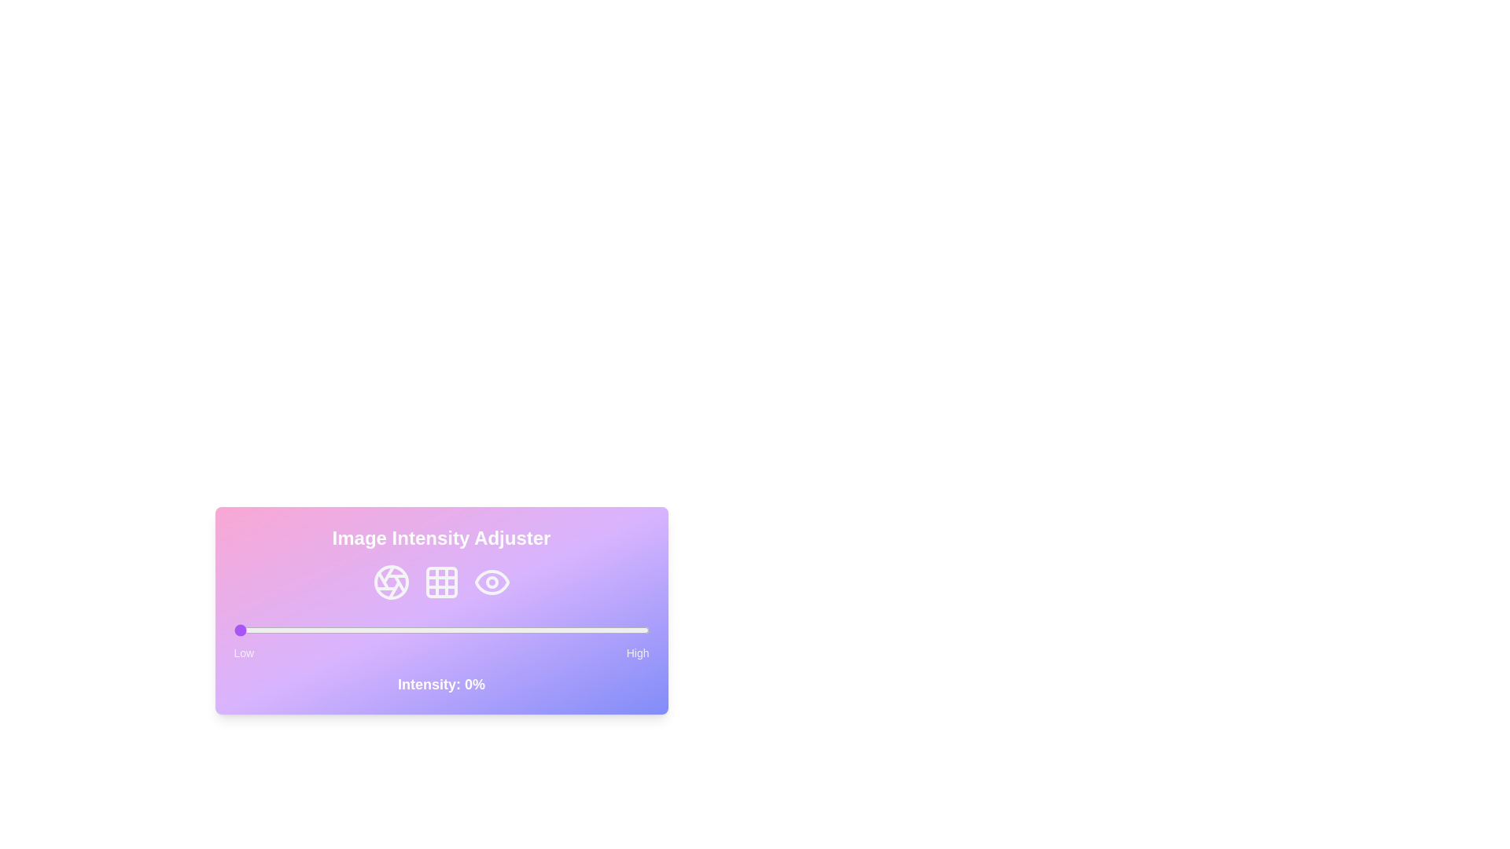  Describe the element at coordinates (333, 630) in the screenshot. I see `the intensity slider to set the intensity to 24%` at that location.